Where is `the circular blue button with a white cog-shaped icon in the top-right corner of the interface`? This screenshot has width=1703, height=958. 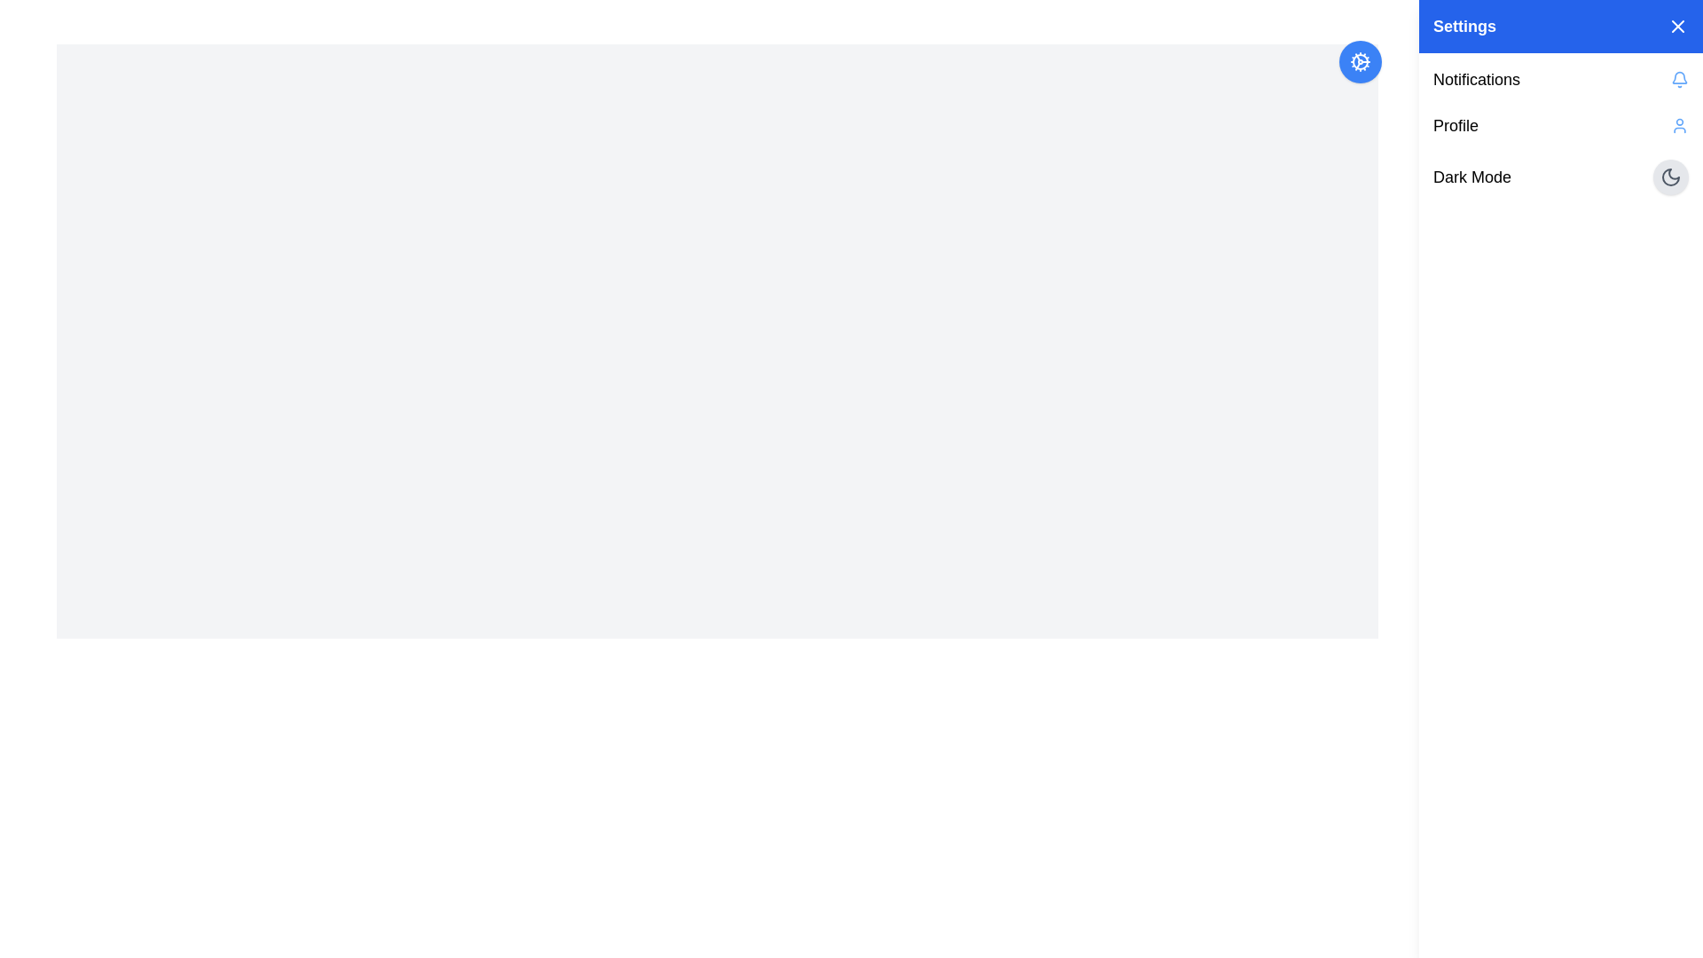 the circular blue button with a white cog-shaped icon in the top-right corner of the interface is located at coordinates (1360, 60).